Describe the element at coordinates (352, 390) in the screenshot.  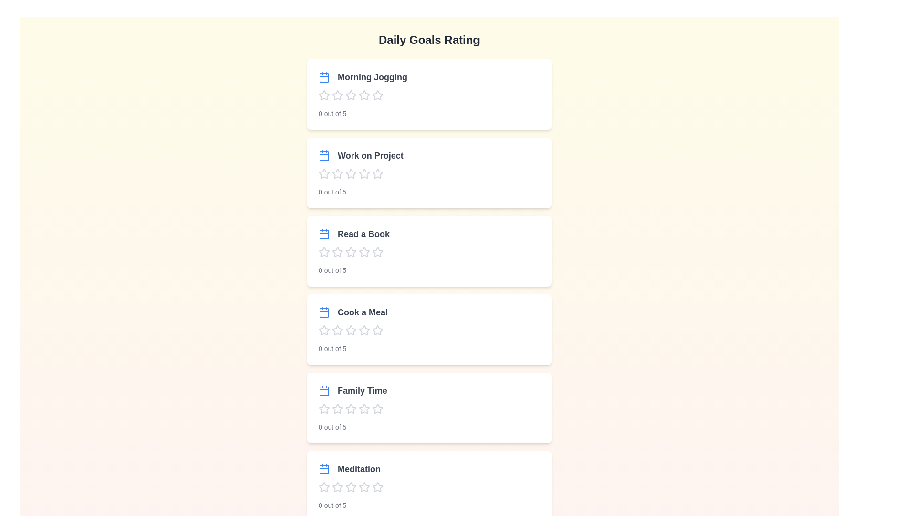
I see `the goal title corresponding to Family Time` at that location.